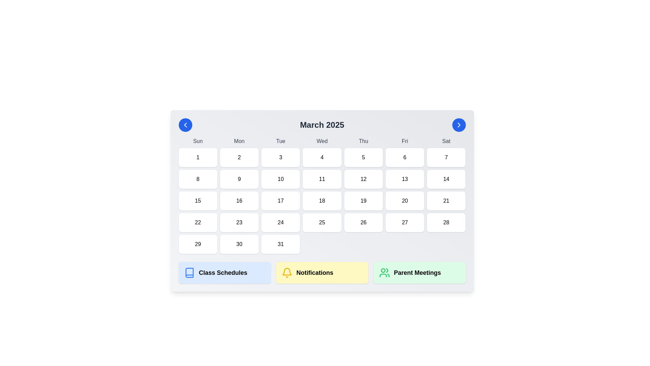  I want to click on the Chevron-shaped arrow icon, which serves as a navigational control for going to the previous page or section, located in the circular button at the top-left corner of the interface, so click(185, 125).